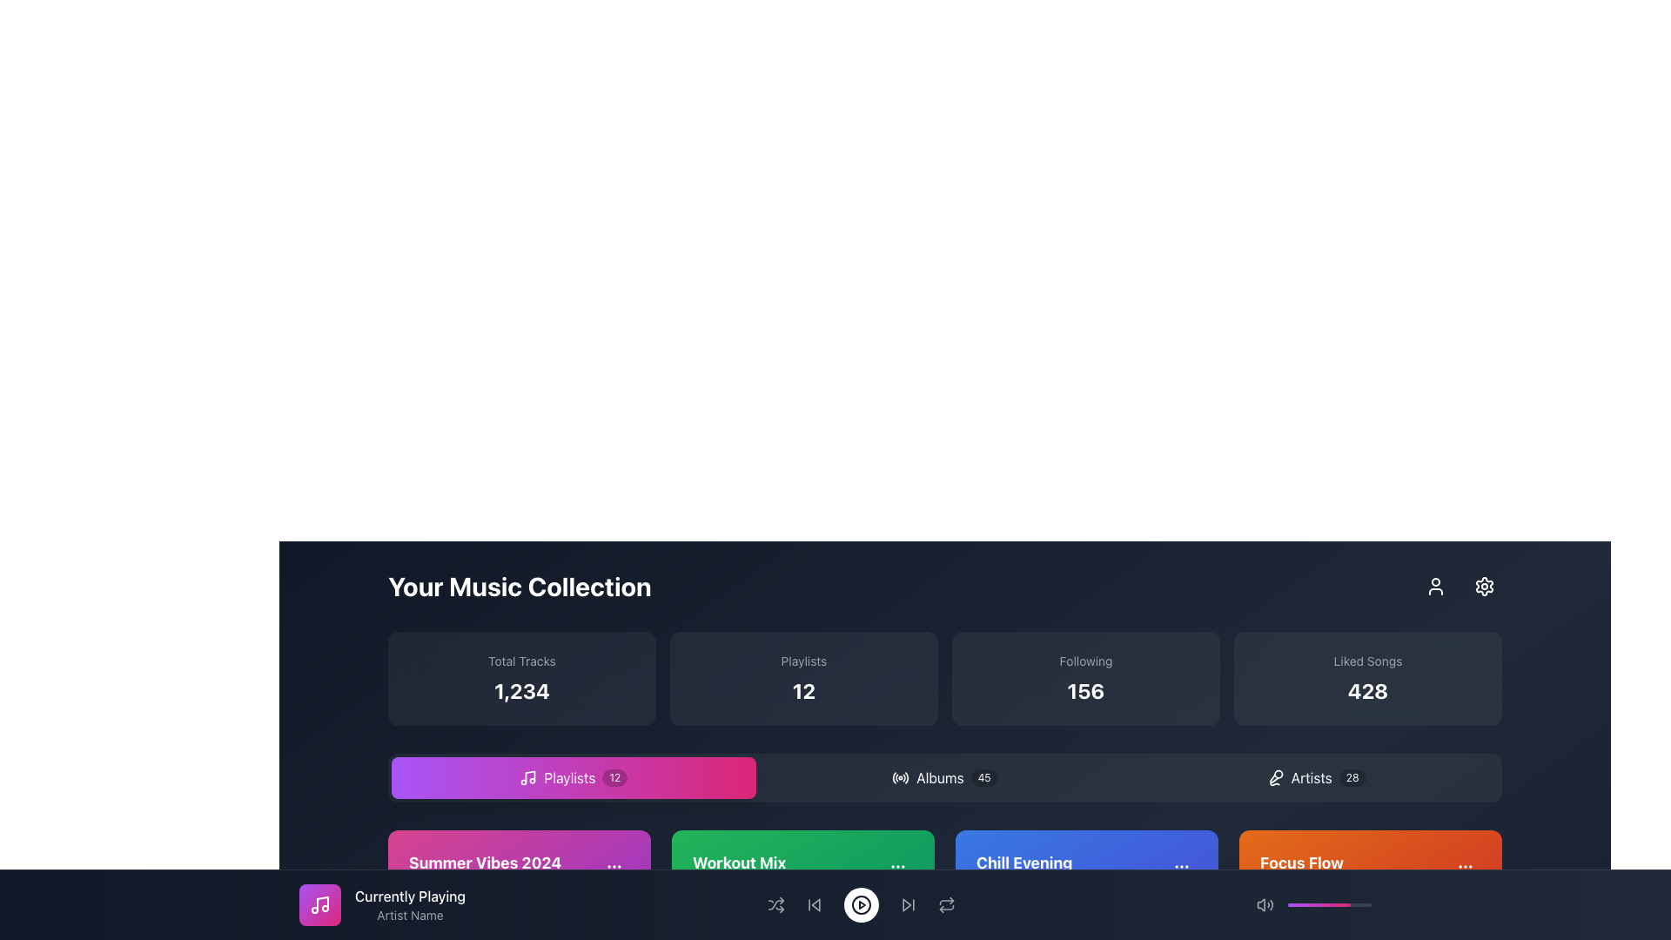 This screenshot has height=940, width=1671. Describe the element at coordinates (574, 777) in the screenshot. I see `the first button in the group of three buttons under 'Your Music Collection'` at that location.